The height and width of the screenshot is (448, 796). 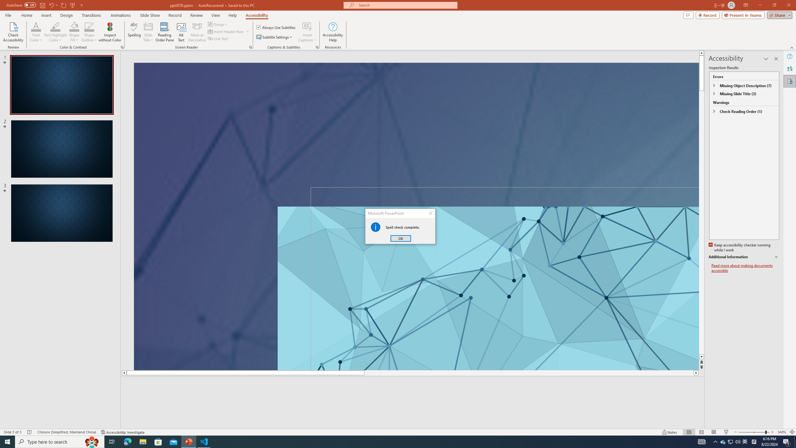 What do you see at coordinates (74, 26) in the screenshot?
I see `'Text Highlight Color'` at bounding box center [74, 26].